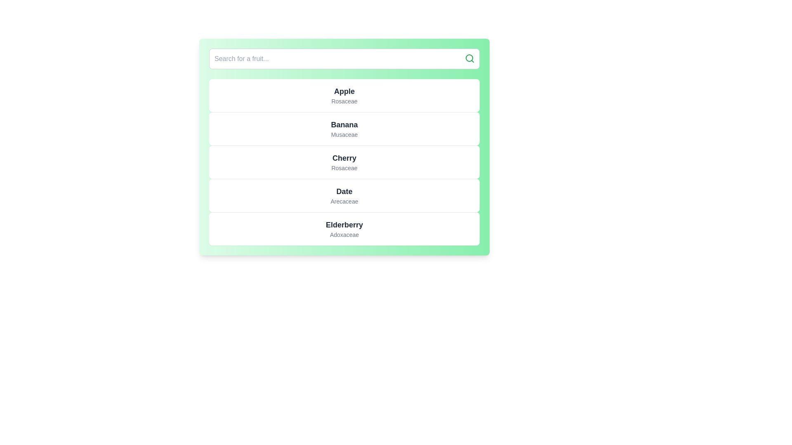 Image resolution: width=792 pixels, height=445 pixels. What do you see at coordinates (344, 195) in the screenshot?
I see `the fourth item in the vertically stacked list that displays 'Date' in bold and 'Arecaceae' in gray` at bounding box center [344, 195].